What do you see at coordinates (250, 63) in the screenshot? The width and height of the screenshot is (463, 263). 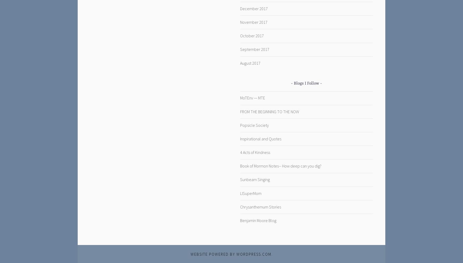 I see `'August 2017'` at bounding box center [250, 63].